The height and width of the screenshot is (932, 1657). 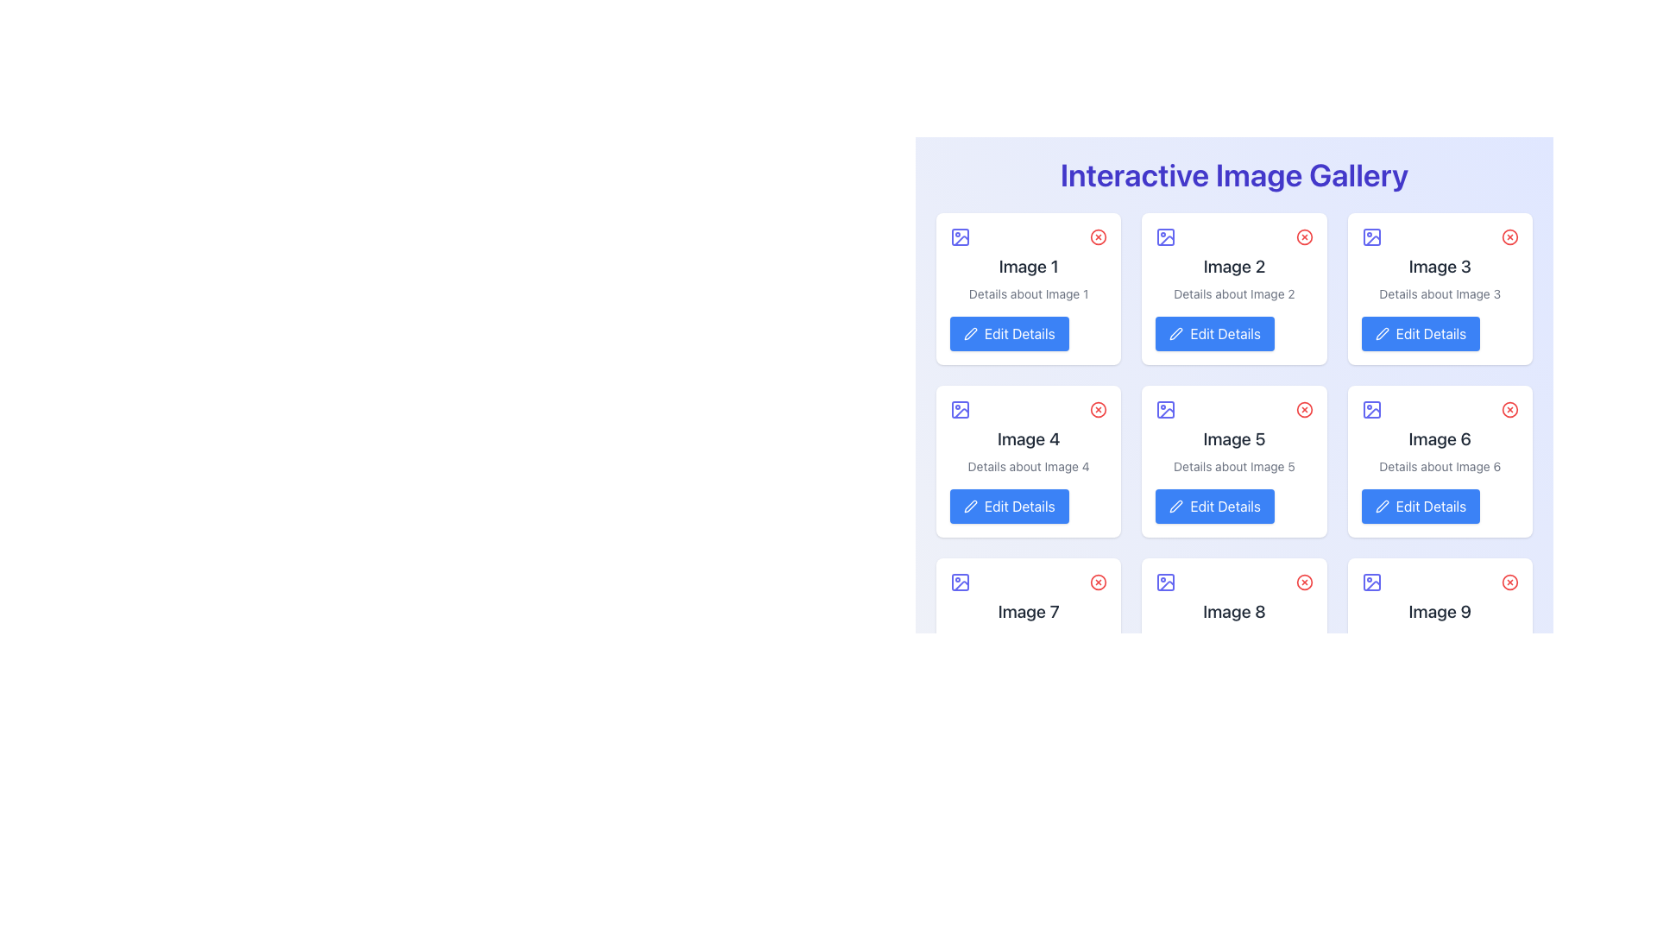 What do you see at coordinates (1304, 409) in the screenshot?
I see `the red X icon button located in the top-right corner of the 'Image 5' card` at bounding box center [1304, 409].